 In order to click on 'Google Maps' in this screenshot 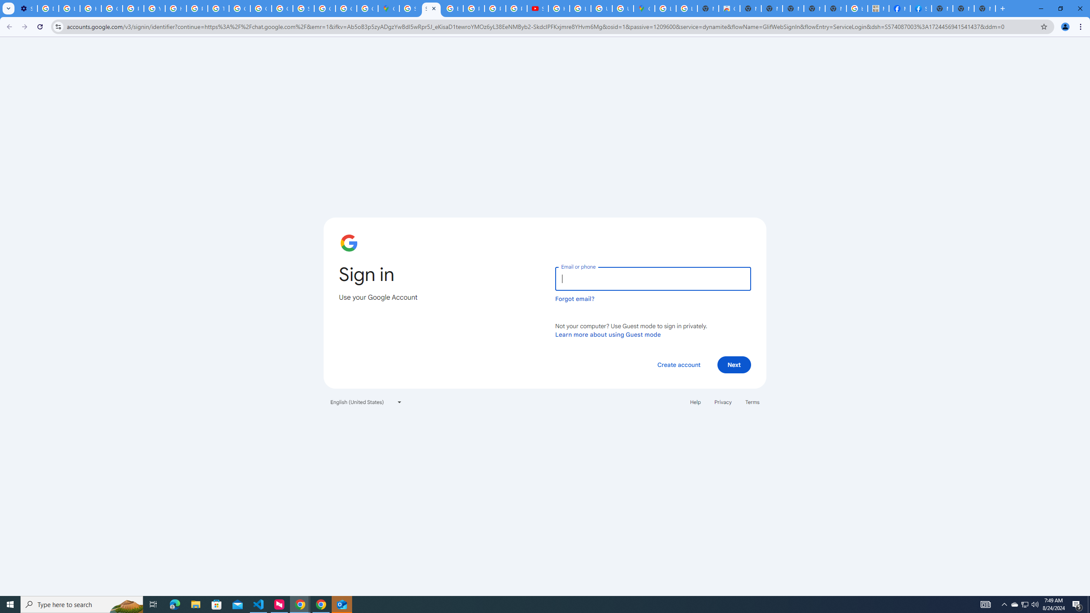, I will do `click(388, 8)`.